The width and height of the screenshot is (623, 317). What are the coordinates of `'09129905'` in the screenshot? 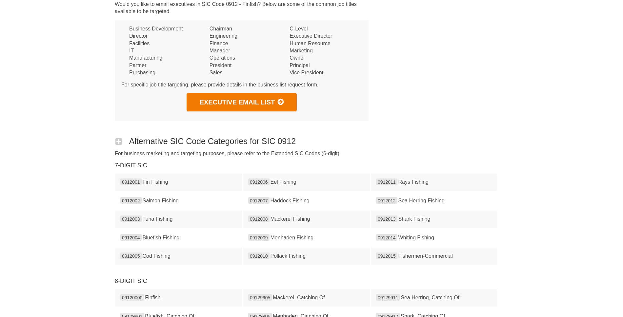 It's located at (260, 297).